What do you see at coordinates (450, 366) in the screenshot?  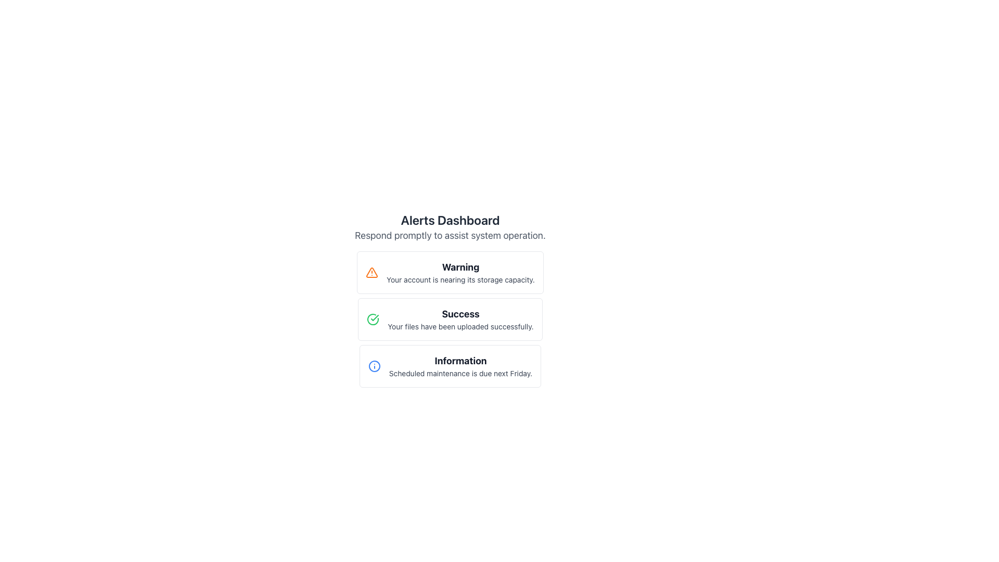 I see `the information displayed in the Notification card by clicking on the center of the card, which contains the text 'Information' and the description 'Scheduled maintenance is due next Friday.'` at bounding box center [450, 366].